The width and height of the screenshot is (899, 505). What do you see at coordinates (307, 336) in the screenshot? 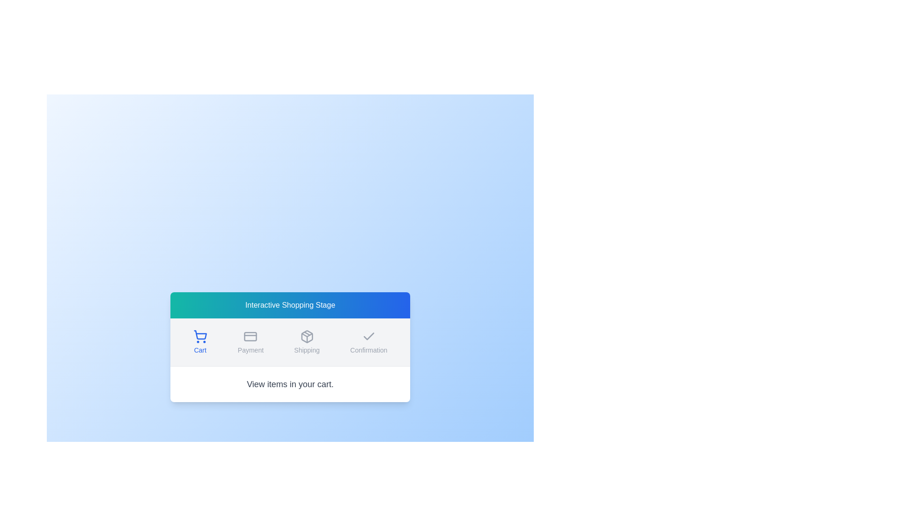
I see `the package icon representing the 'Shipping' step in the step-by-step process UI, which is the third step among four` at bounding box center [307, 336].